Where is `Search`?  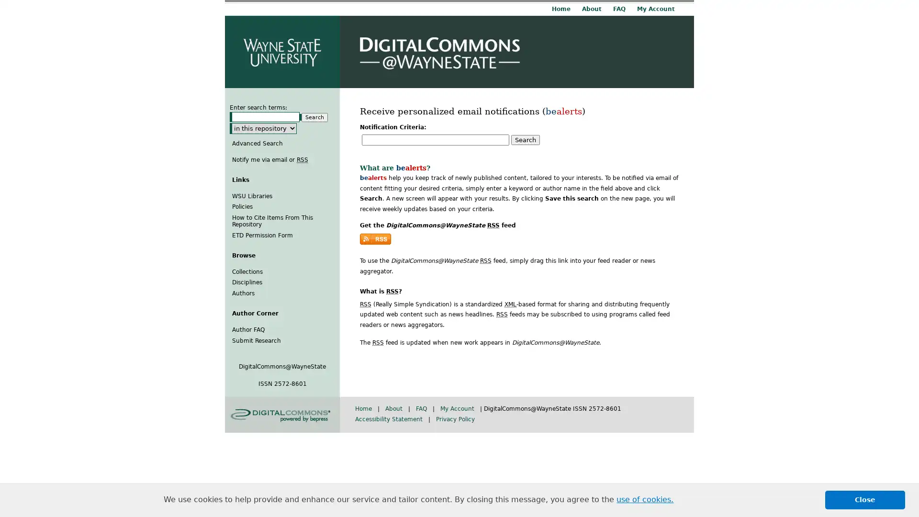 Search is located at coordinates (314, 117).